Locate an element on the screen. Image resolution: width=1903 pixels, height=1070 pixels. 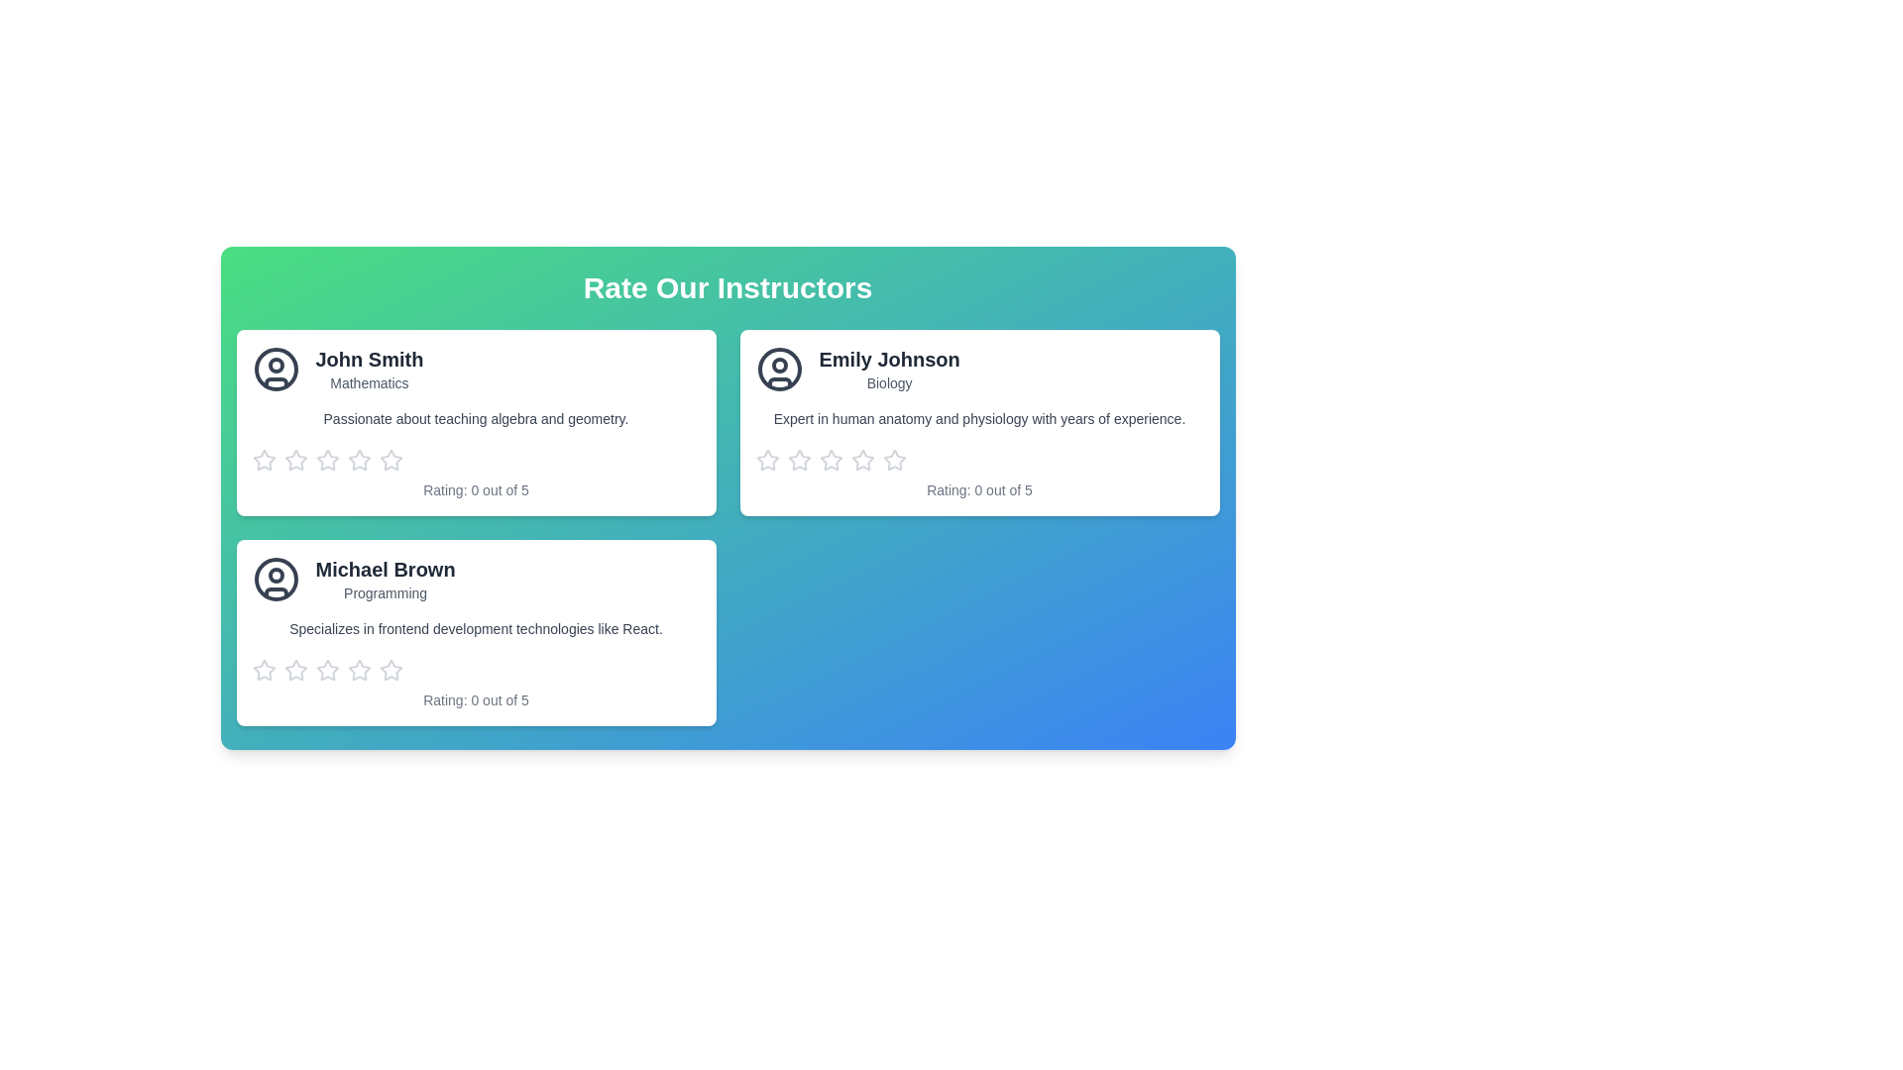
the first star rating icon is located at coordinates (327, 460).